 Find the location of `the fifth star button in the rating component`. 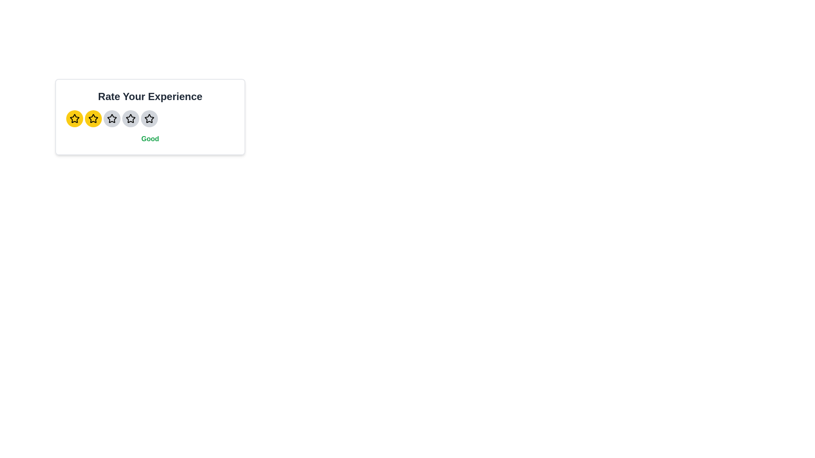

the fifth star button in the rating component is located at coordinates (149, 119).